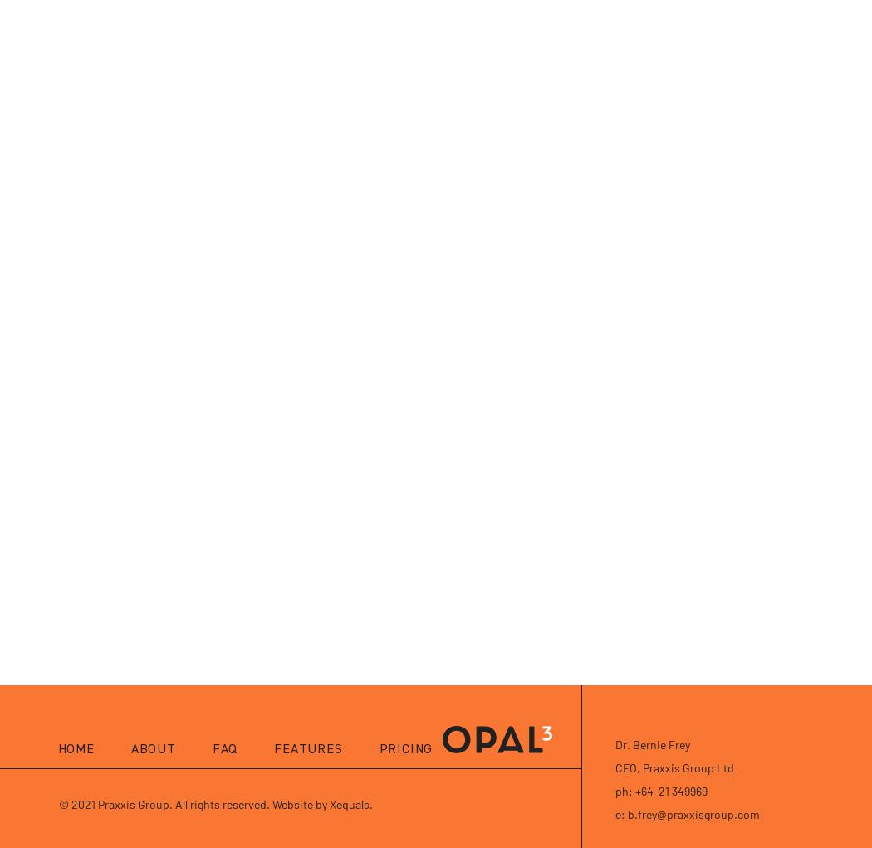 This screenshot has width=872, height=848. What do you see at coordinates (660, 790) in the screenshot?
I see `'ph: +64-21 349969'` at bounding box center [660, 790].